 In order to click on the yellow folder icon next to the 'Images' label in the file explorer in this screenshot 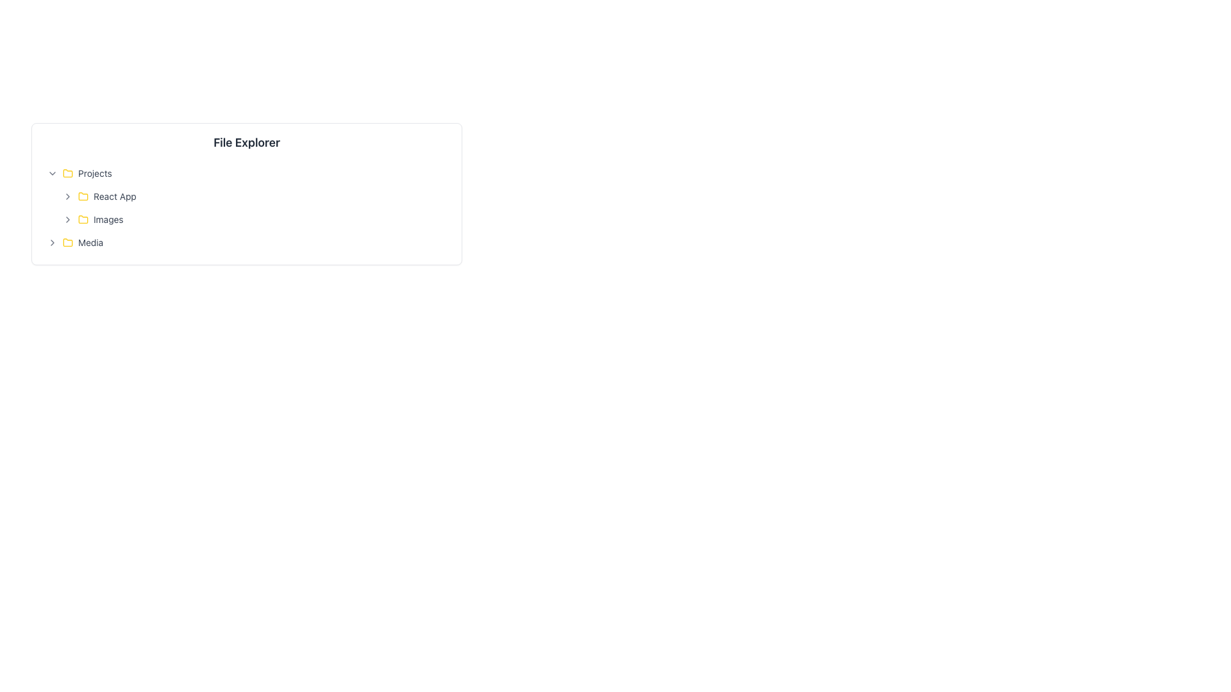, I will do `click(82, 218)`.